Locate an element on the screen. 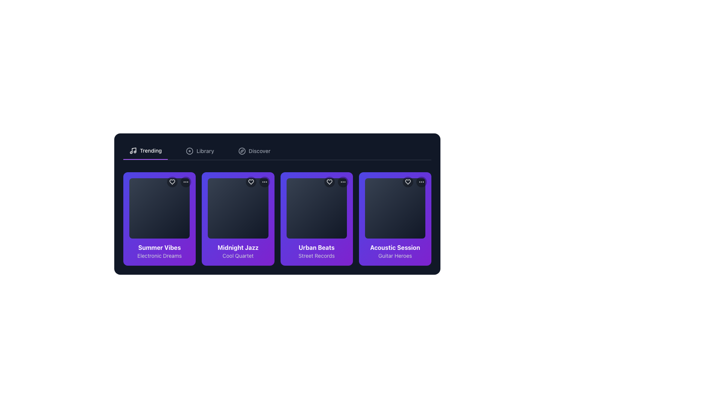  the heart icon button in the top-right corner of the 'Summer Vibes' card is located at coordinates (172, 182).